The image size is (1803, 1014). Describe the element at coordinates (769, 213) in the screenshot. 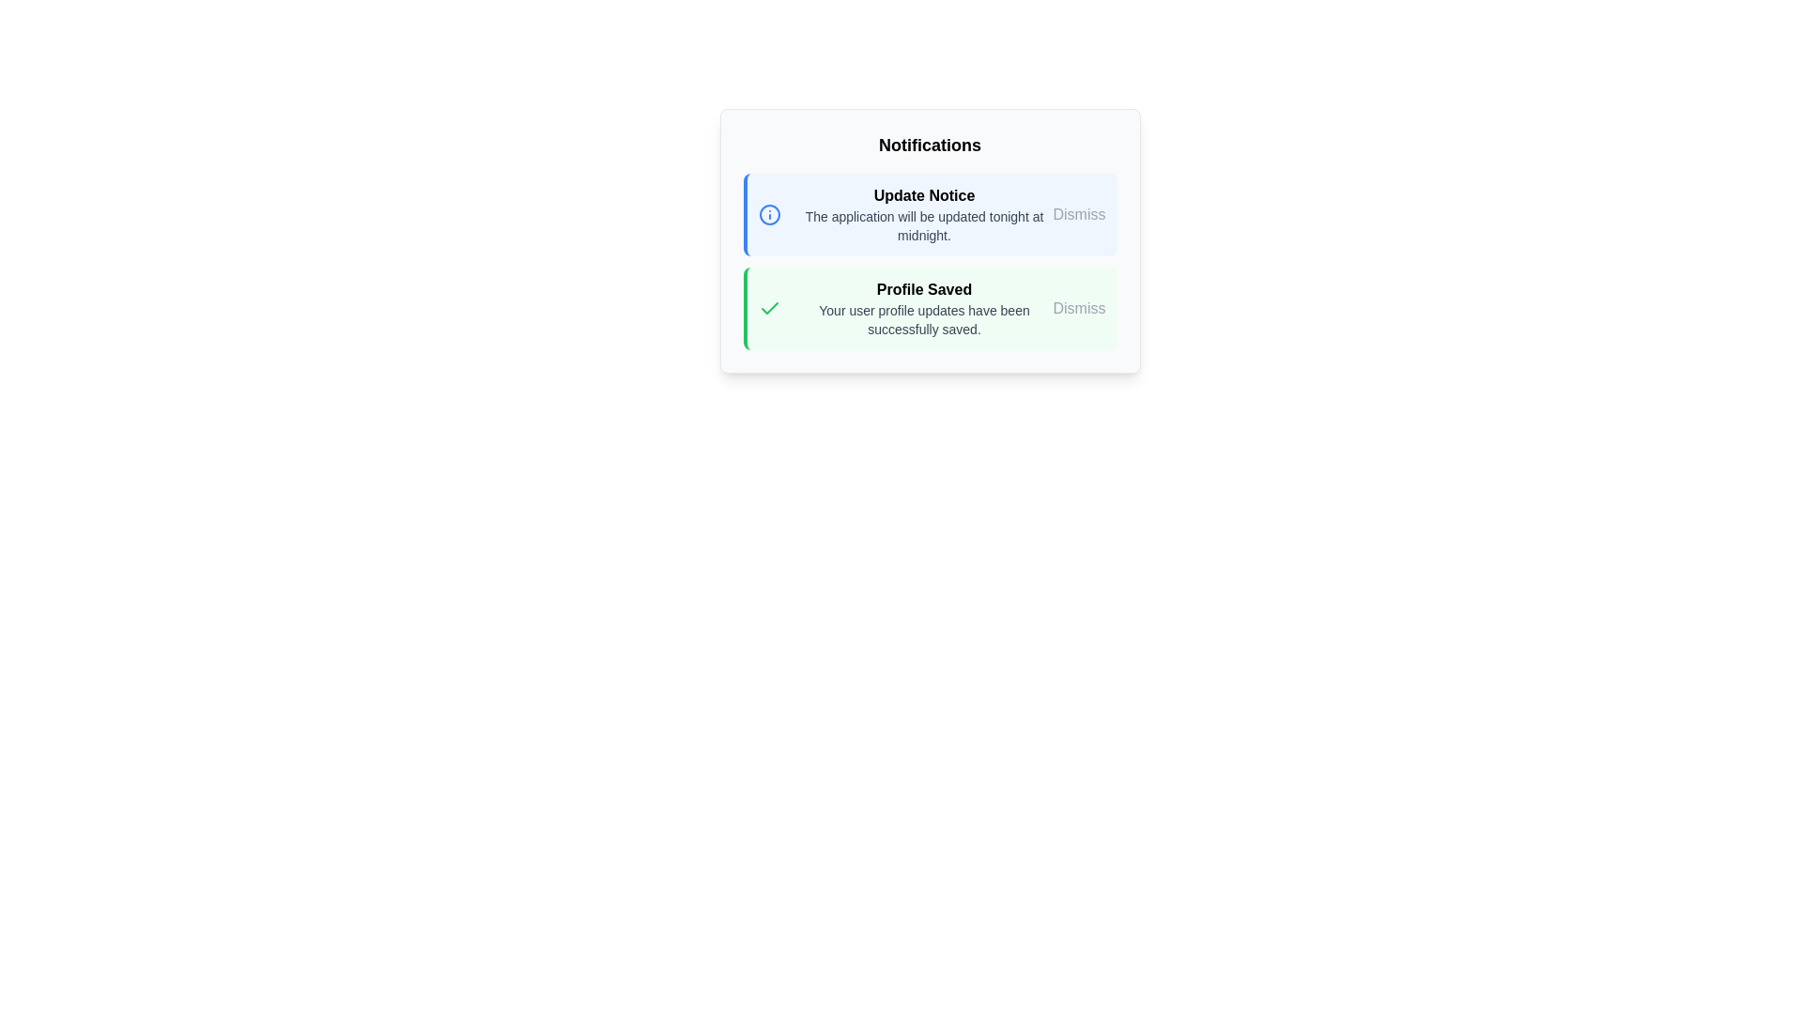

I see `the decorative circular vector graphic element within the 'Update Notice' notification card, which is styled with a blue stroke and represents an info or alert symbol` at that location.